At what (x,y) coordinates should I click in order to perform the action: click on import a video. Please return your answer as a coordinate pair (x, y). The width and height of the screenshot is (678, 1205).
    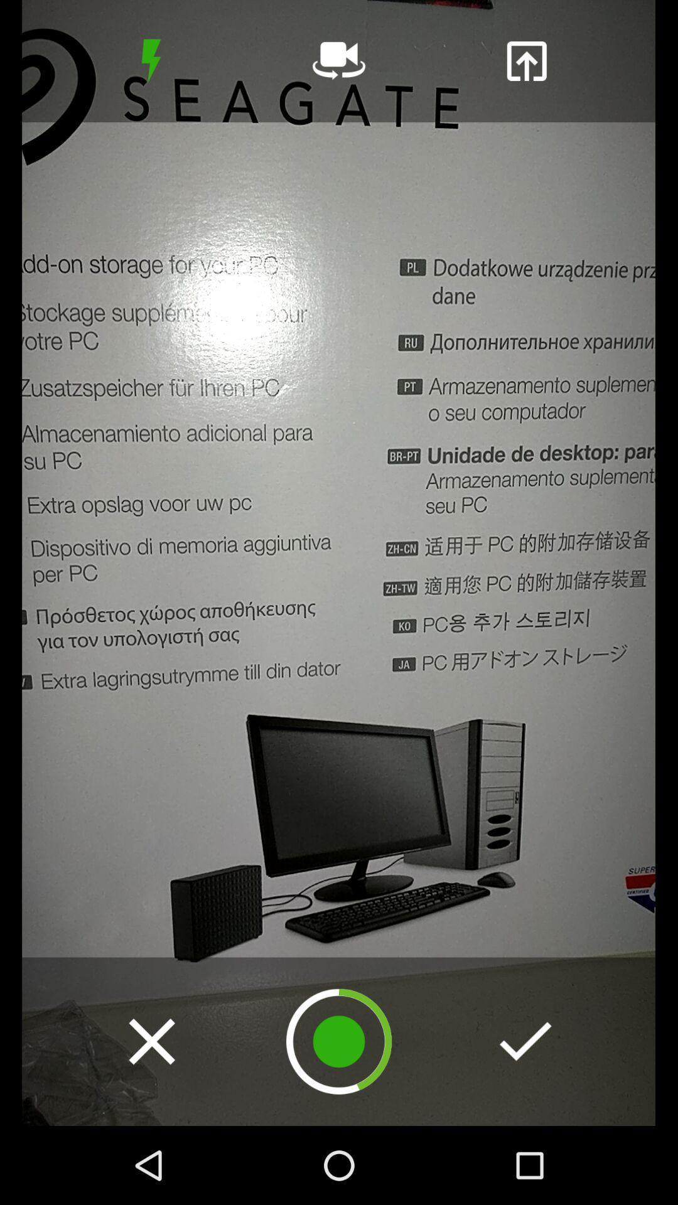
    Looking at the image, I should click on (526, 60).